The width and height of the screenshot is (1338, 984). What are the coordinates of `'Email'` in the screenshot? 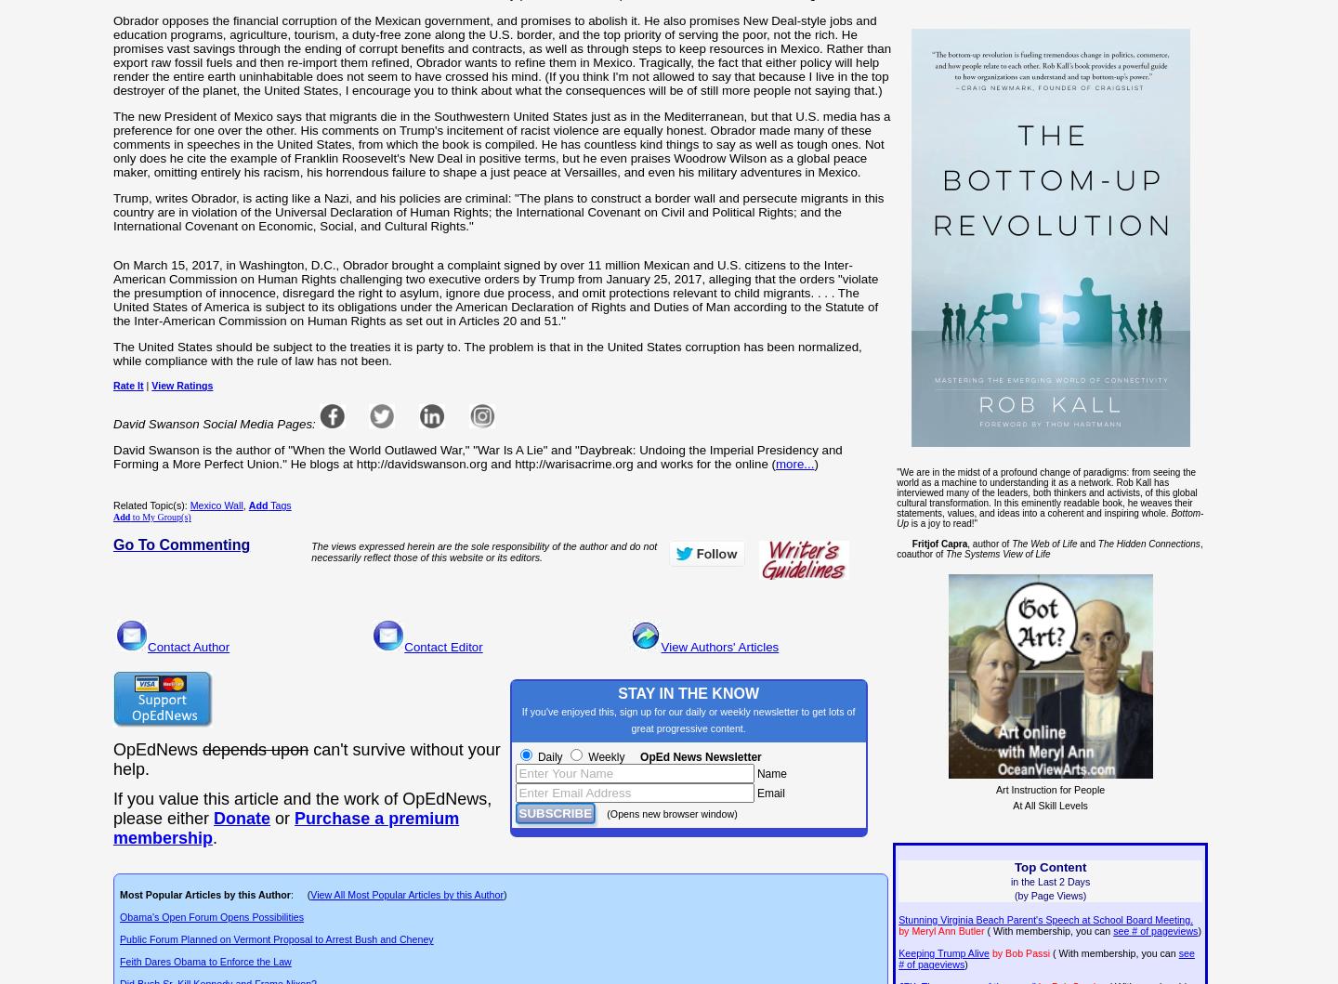 It's located at (768, 793).